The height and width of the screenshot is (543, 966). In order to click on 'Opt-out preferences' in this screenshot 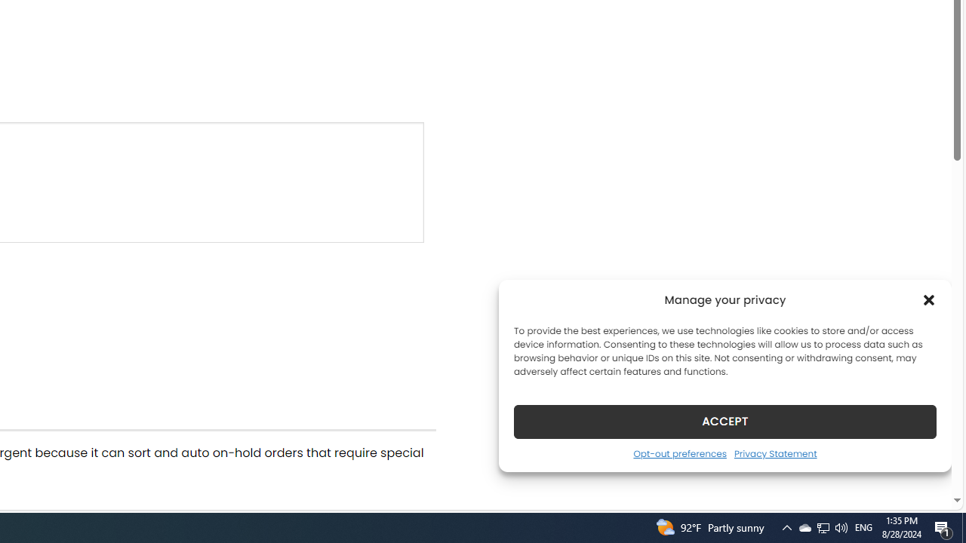, I will do `click(678, 452)`.